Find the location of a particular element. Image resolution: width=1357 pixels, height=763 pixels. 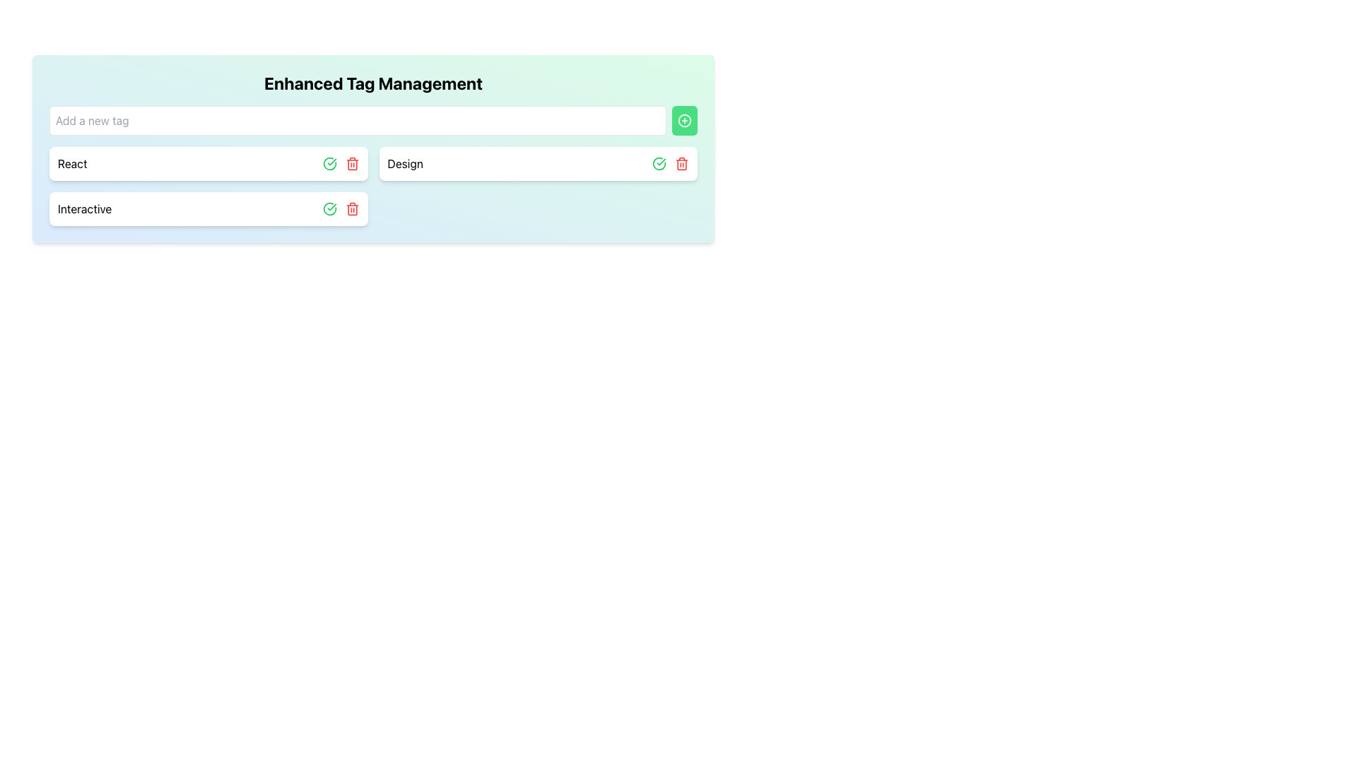

the circular check icon with a green outline located next to the 'React' text in the 'Enhanced Tag Management' UI is located at coordinates (329, 162).